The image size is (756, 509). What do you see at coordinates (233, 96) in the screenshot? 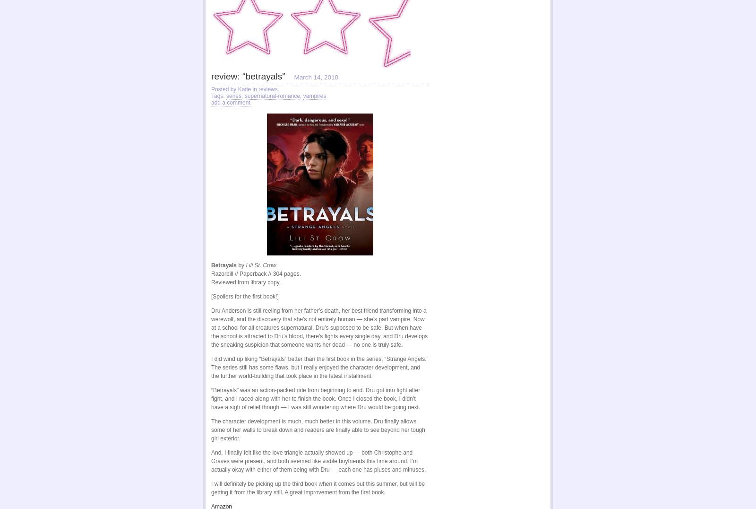
I see `'series'` at bounding box center [233, 96].